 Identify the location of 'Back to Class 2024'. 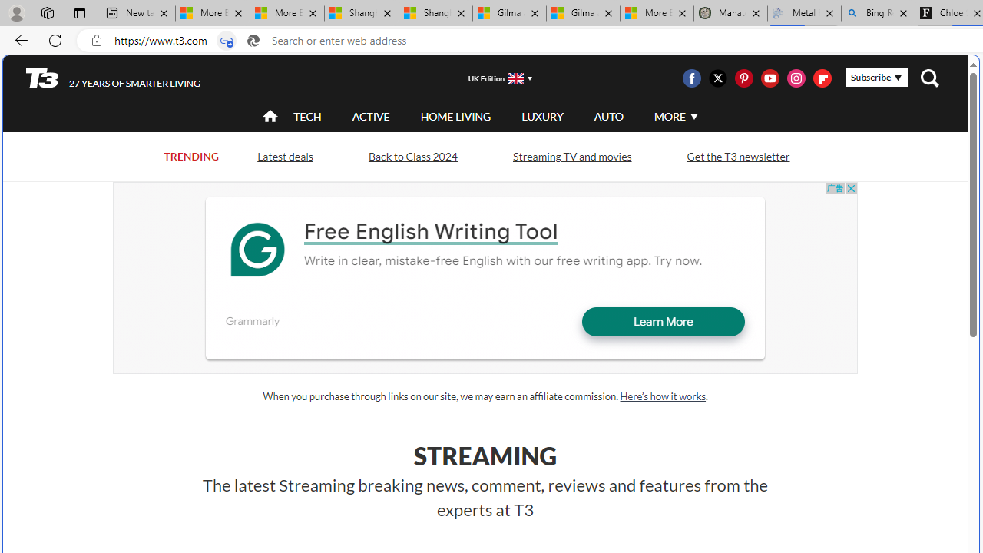
(412, 157).